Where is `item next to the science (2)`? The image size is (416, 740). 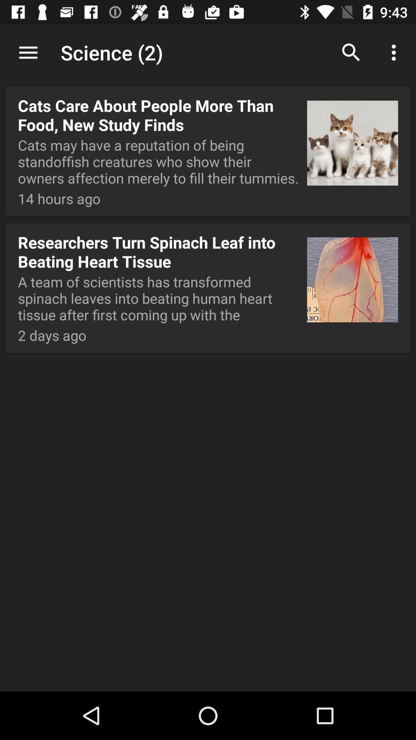 item next to the science (2) is located at coordinates (28, 52).